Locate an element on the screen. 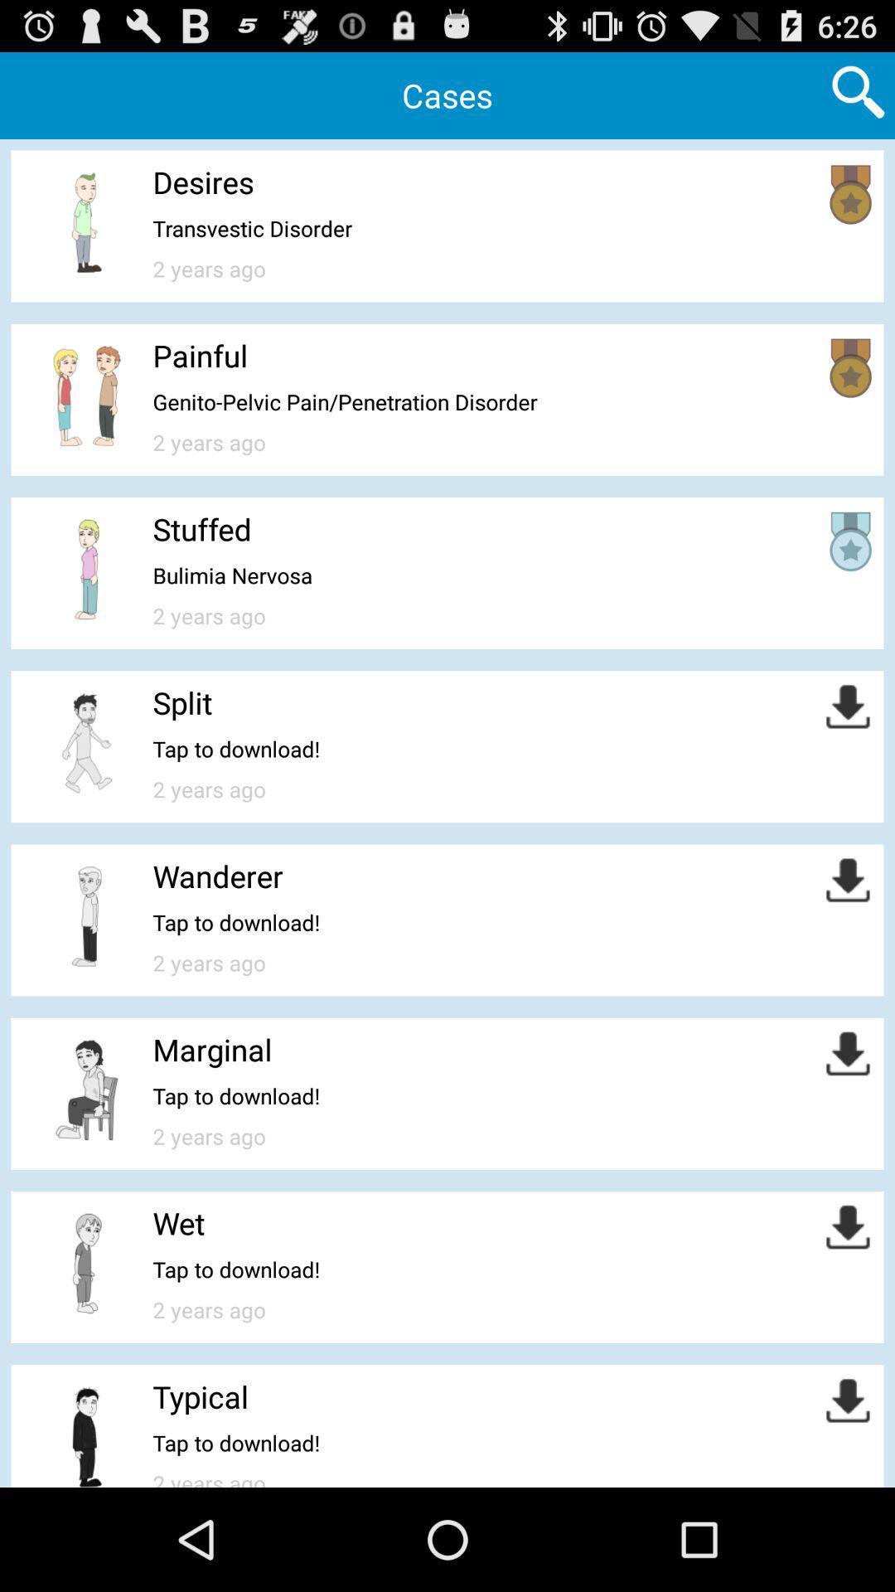 This screenshot has height=1592, width=895. the split is located at coordinates (182, 702).